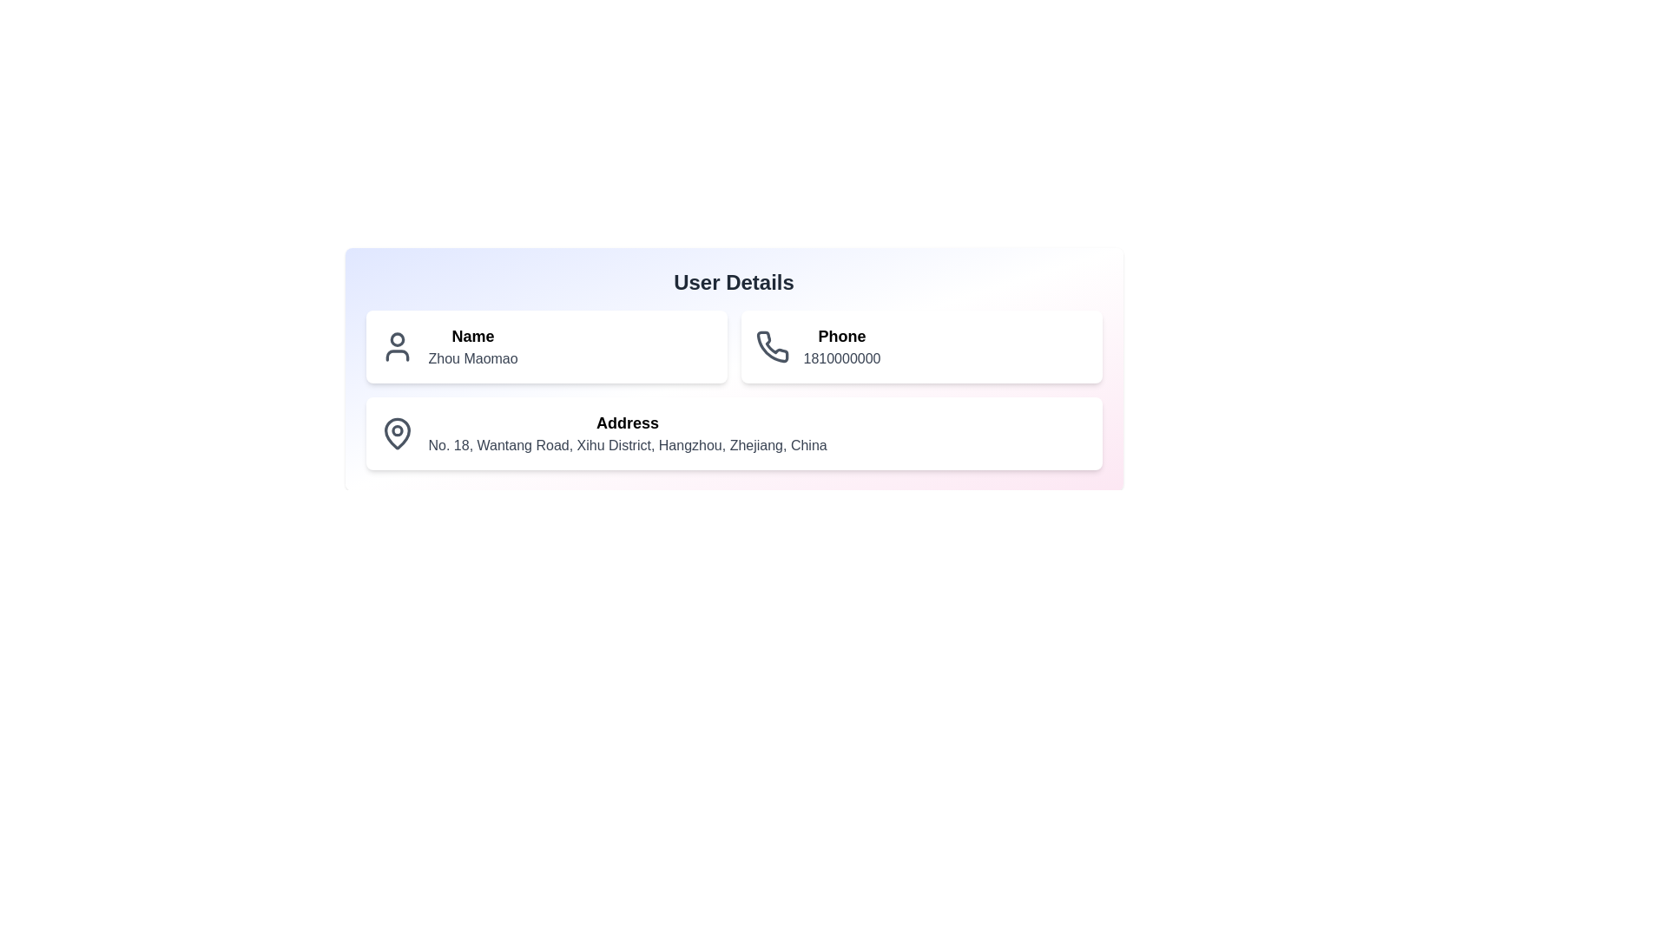 This screenshot has height=937, width=1667. What do you see at coordinates (473, 337) in the screenshot?
I see `the text label identifying the user's name, positioned above 'Zhou Maomao' in the user details card` at bounding box center [473, 337].